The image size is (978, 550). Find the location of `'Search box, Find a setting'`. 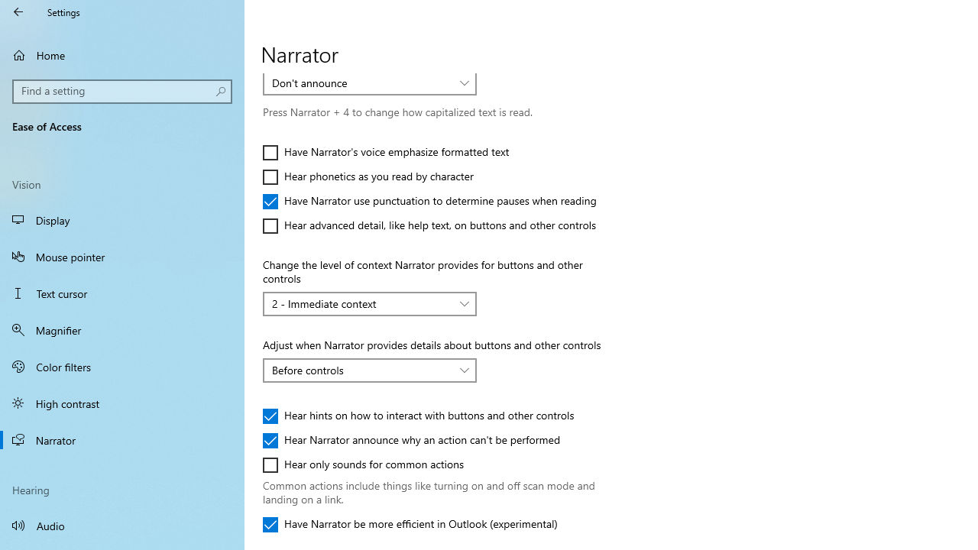

'Search box, Find a setting' is located at coordinates (122, 91).